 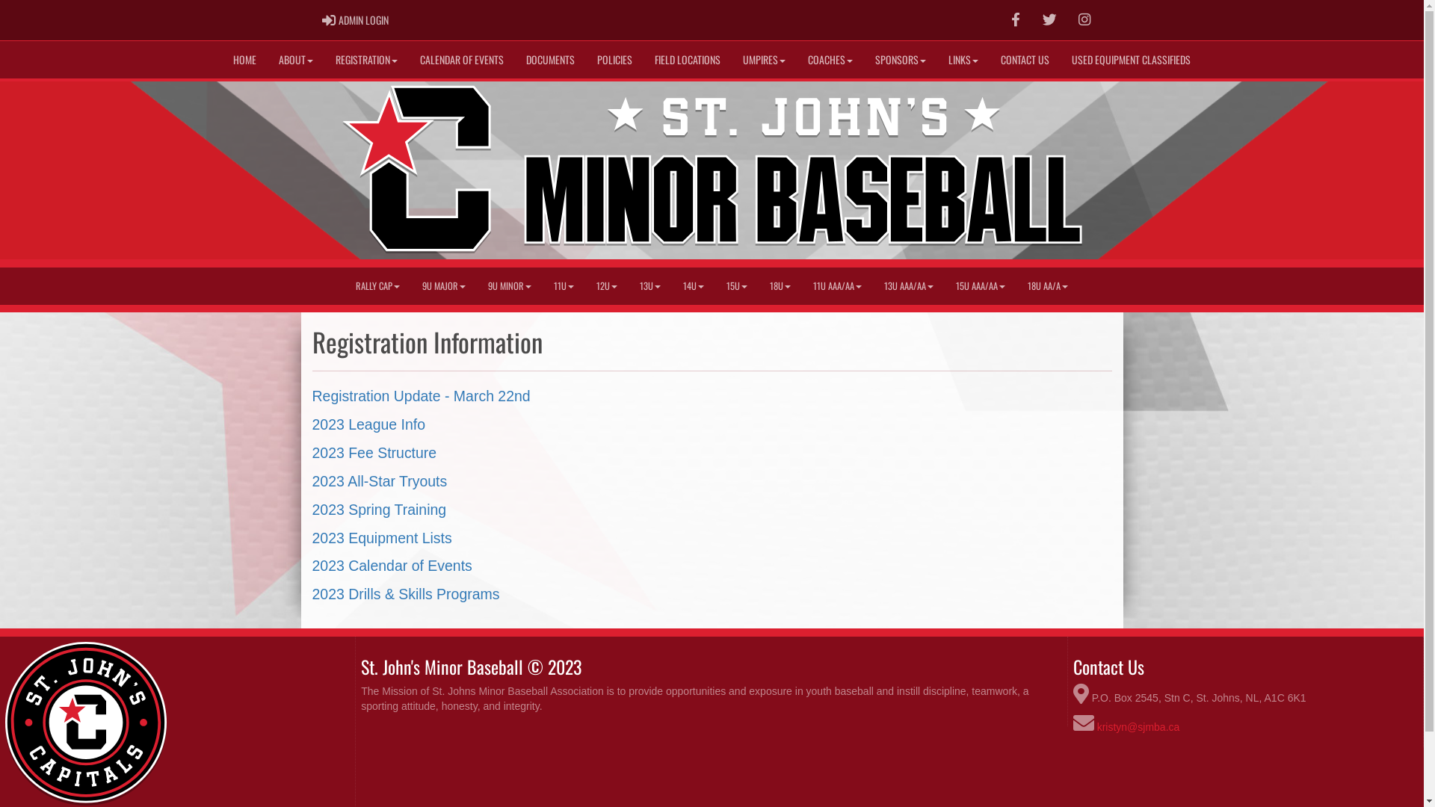 I want to click on 'HOME', so click(x=221, y=59).